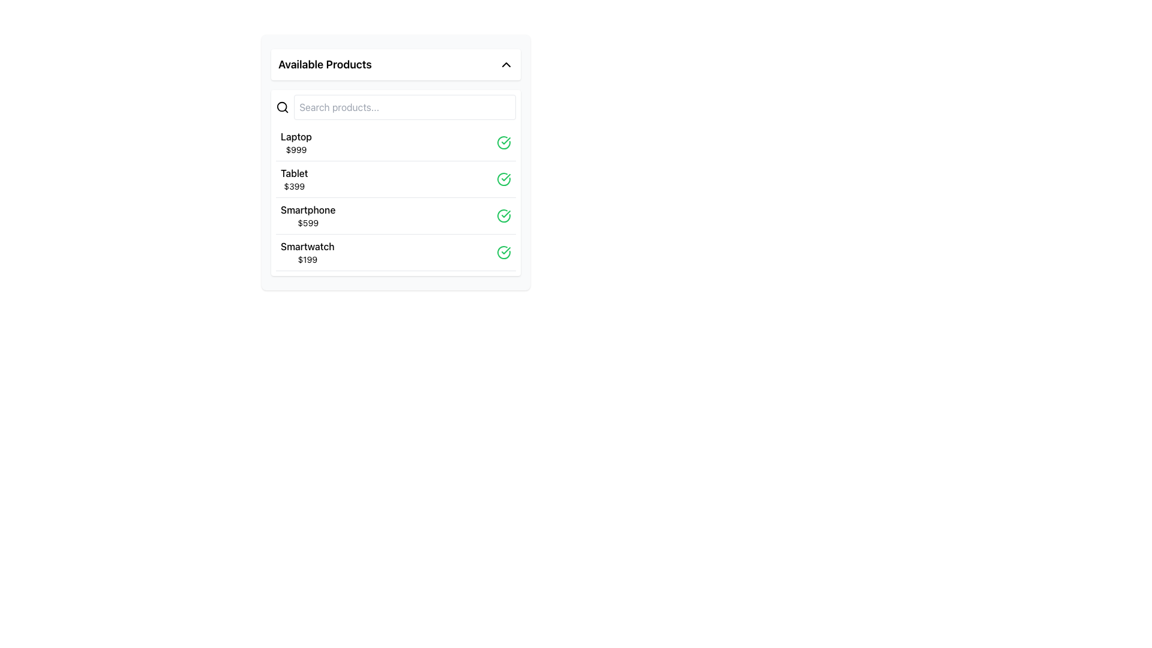  I want to click on product details of the 'Tablet' listed as the second item in the product list, which is priced at '$399', so click(396, 179).